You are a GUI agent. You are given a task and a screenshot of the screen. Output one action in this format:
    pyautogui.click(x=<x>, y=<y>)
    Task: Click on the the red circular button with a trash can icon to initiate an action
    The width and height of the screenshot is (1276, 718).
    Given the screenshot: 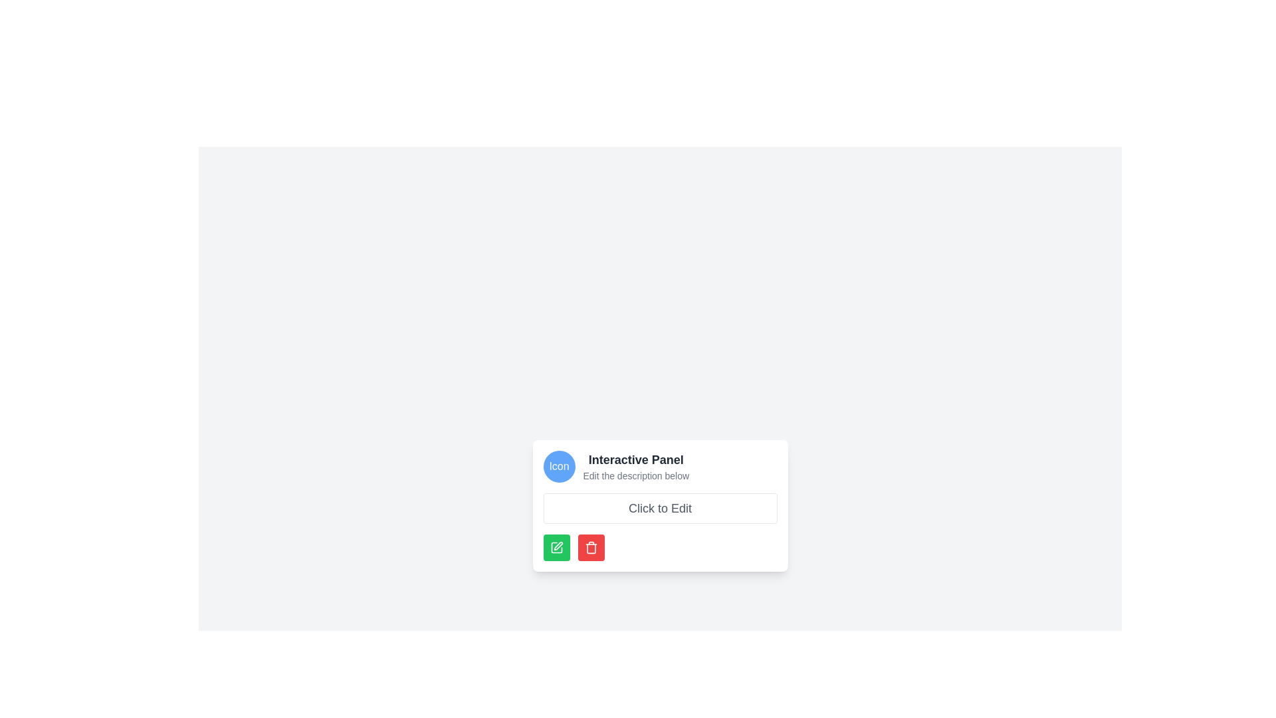 What is the action you would take?
    pyautogui.click(x=590, y=548)
    